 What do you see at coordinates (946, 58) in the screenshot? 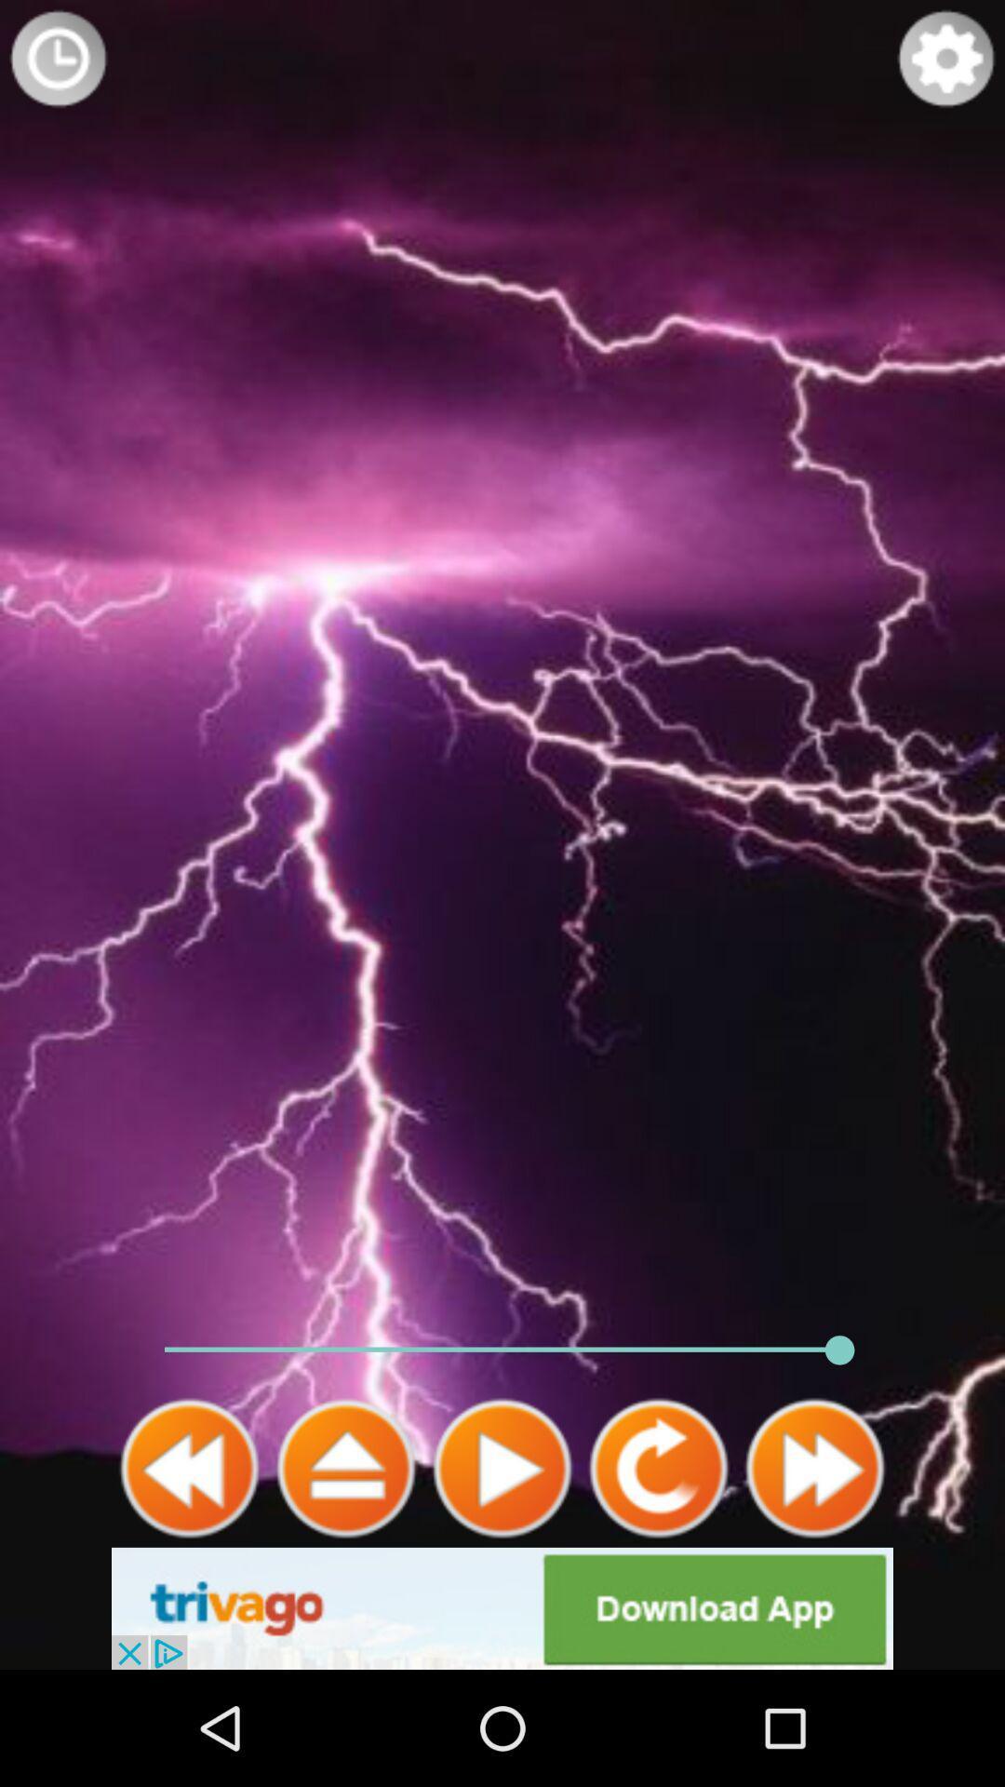
I see `settings swich option` at bounding box center [946, 58].